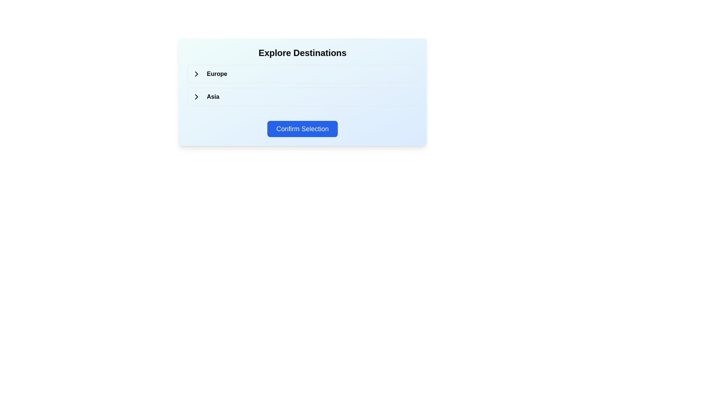  What do you see at coordinates (302, 74) in the screenshot?
I see `the button labeled 'Europe', which is styled with a light background and rounded edges` at bounding box center [302, 74].